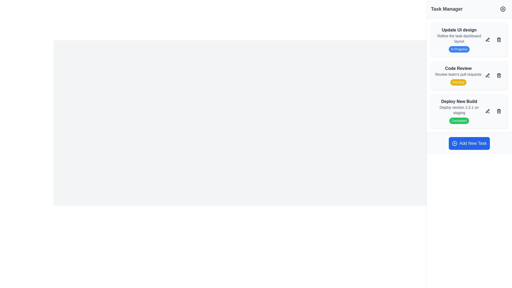  What do you see at coordinates (487, 39) in the screenshot?
I see `the pen icon button to initiate editing the 'Update UI design' task, which is styled in black with a stroke-based design and is located to the right of the task title in the sidebar list of tasks` at bounding box center [487, 39].